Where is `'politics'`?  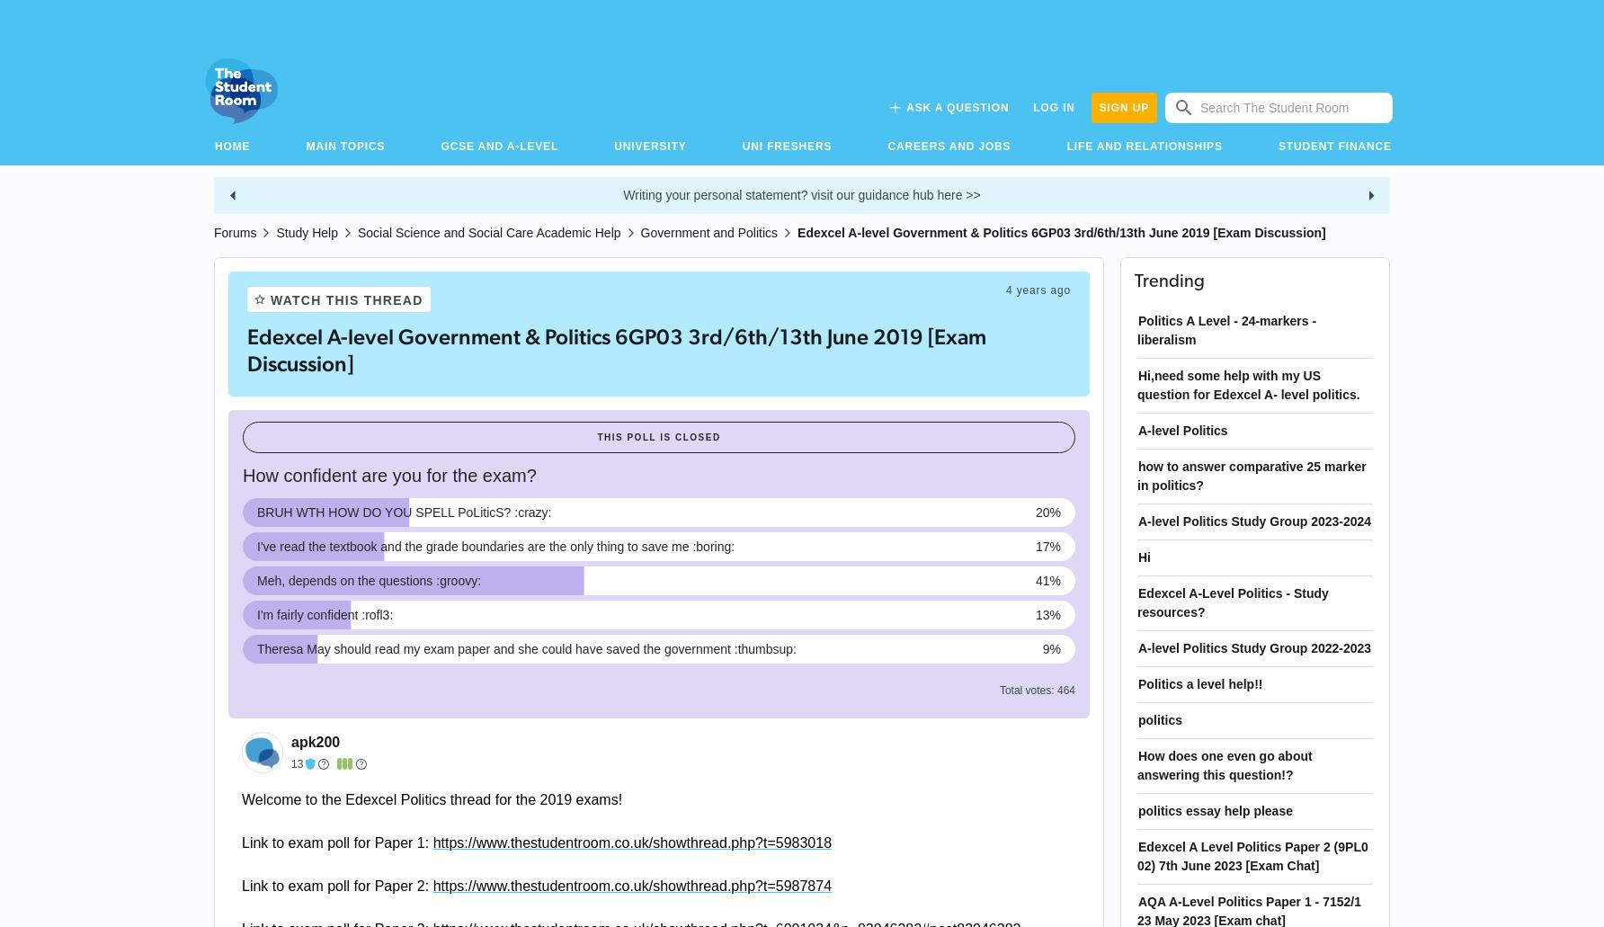 'politics' is located at coordinates (1159, 718).